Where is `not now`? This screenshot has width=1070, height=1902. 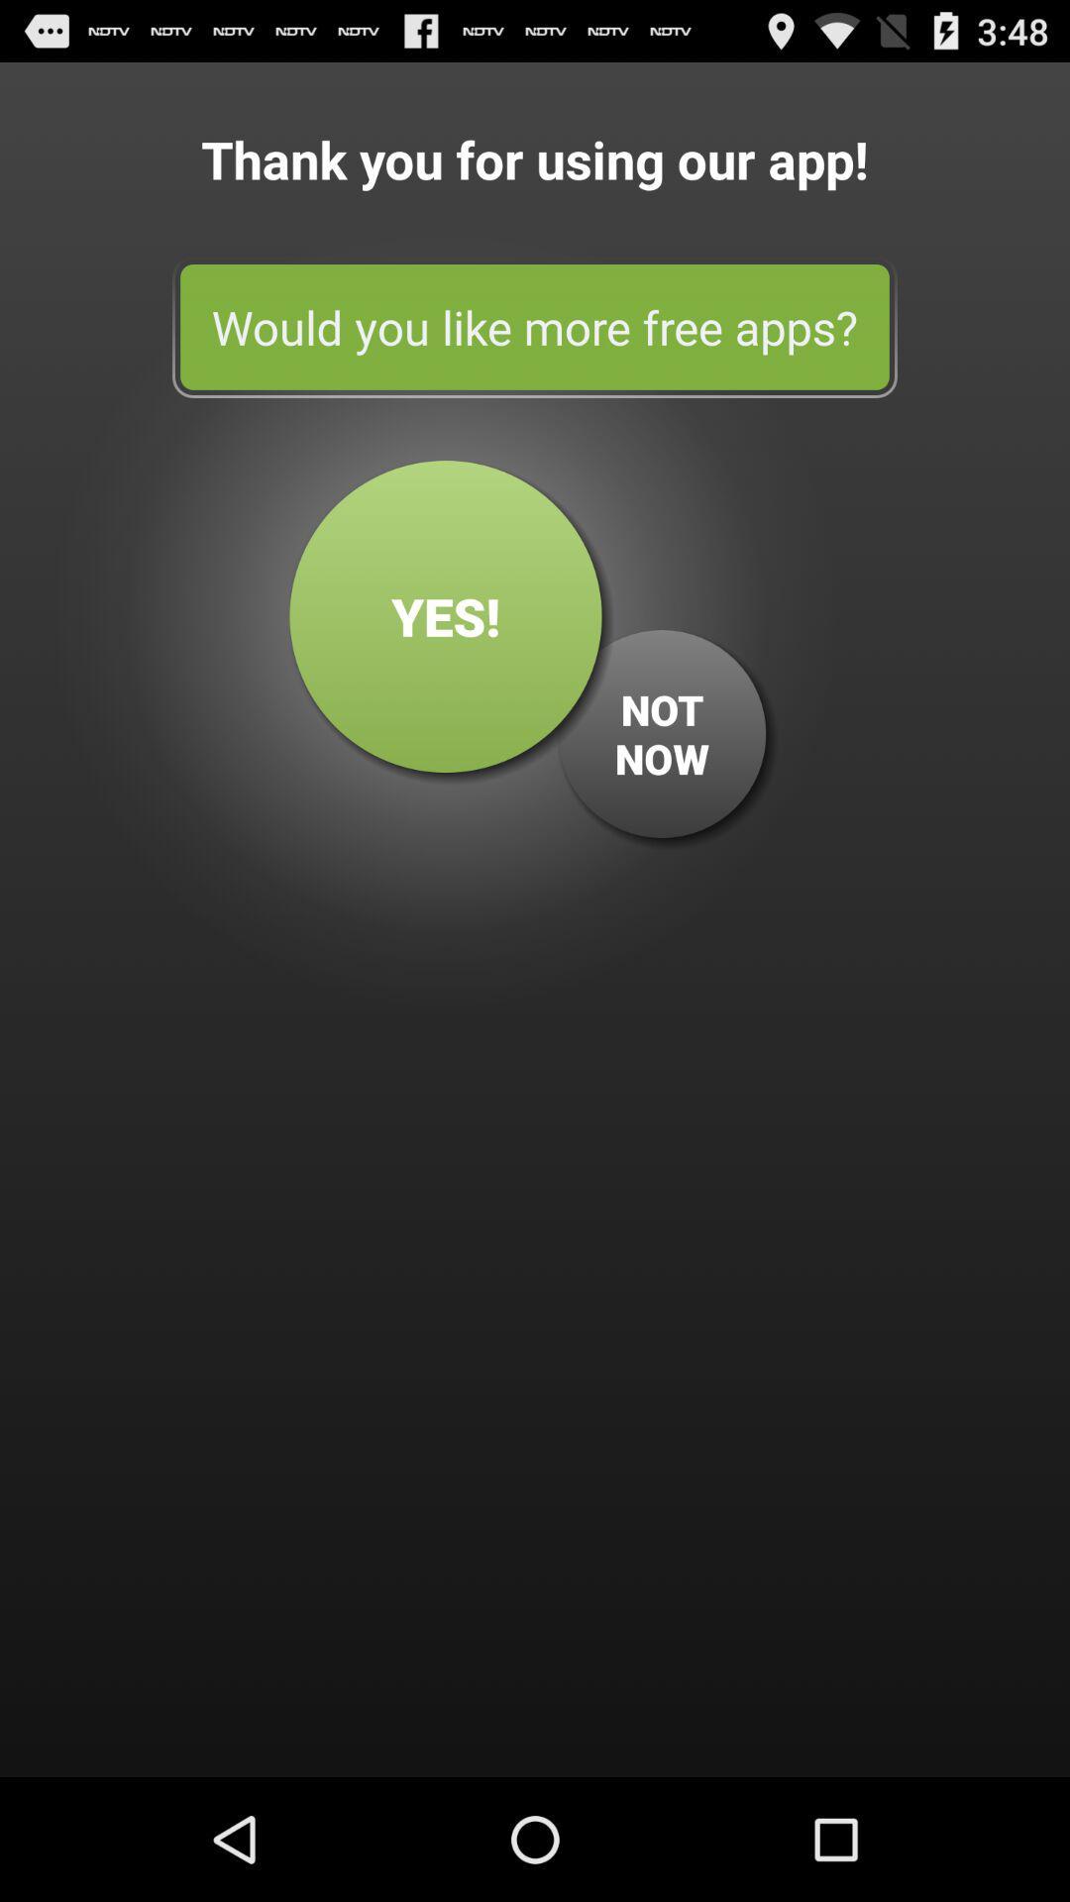 not now is located at coordinates (662, 732).